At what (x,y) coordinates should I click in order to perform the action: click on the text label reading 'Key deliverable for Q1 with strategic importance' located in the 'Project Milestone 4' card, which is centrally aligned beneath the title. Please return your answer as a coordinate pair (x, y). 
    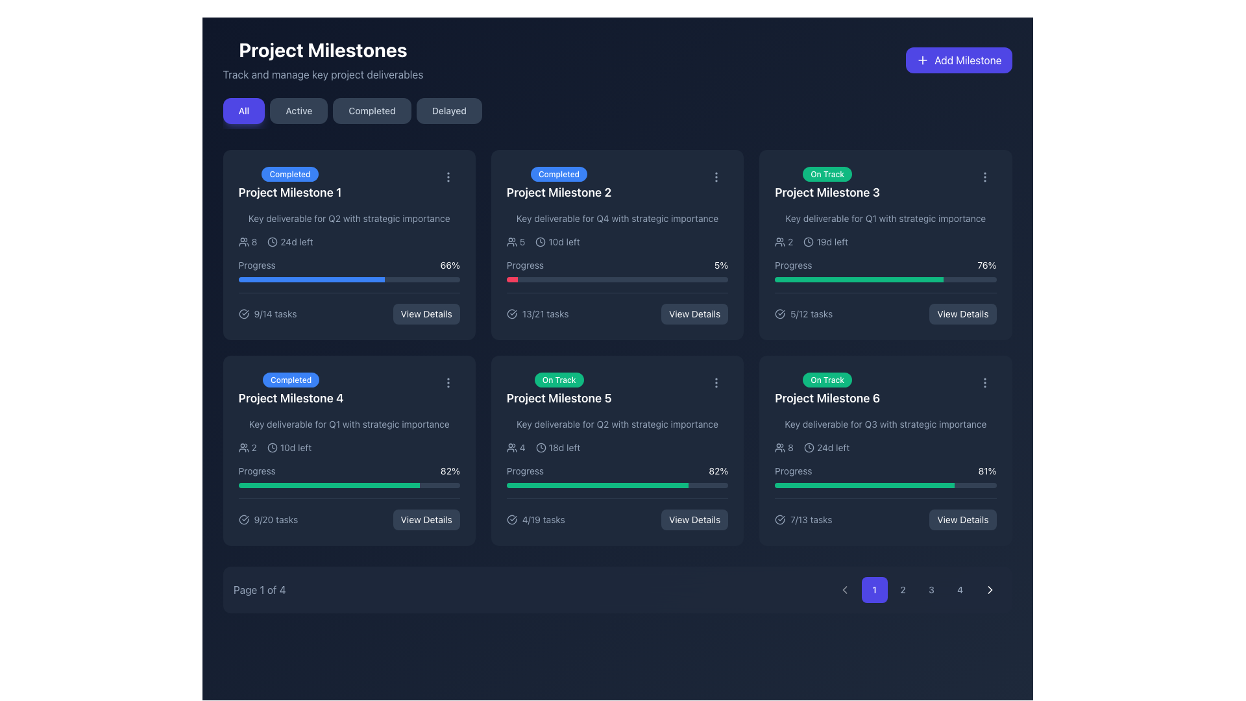
    Looking at the image, I should click on (349, 424).